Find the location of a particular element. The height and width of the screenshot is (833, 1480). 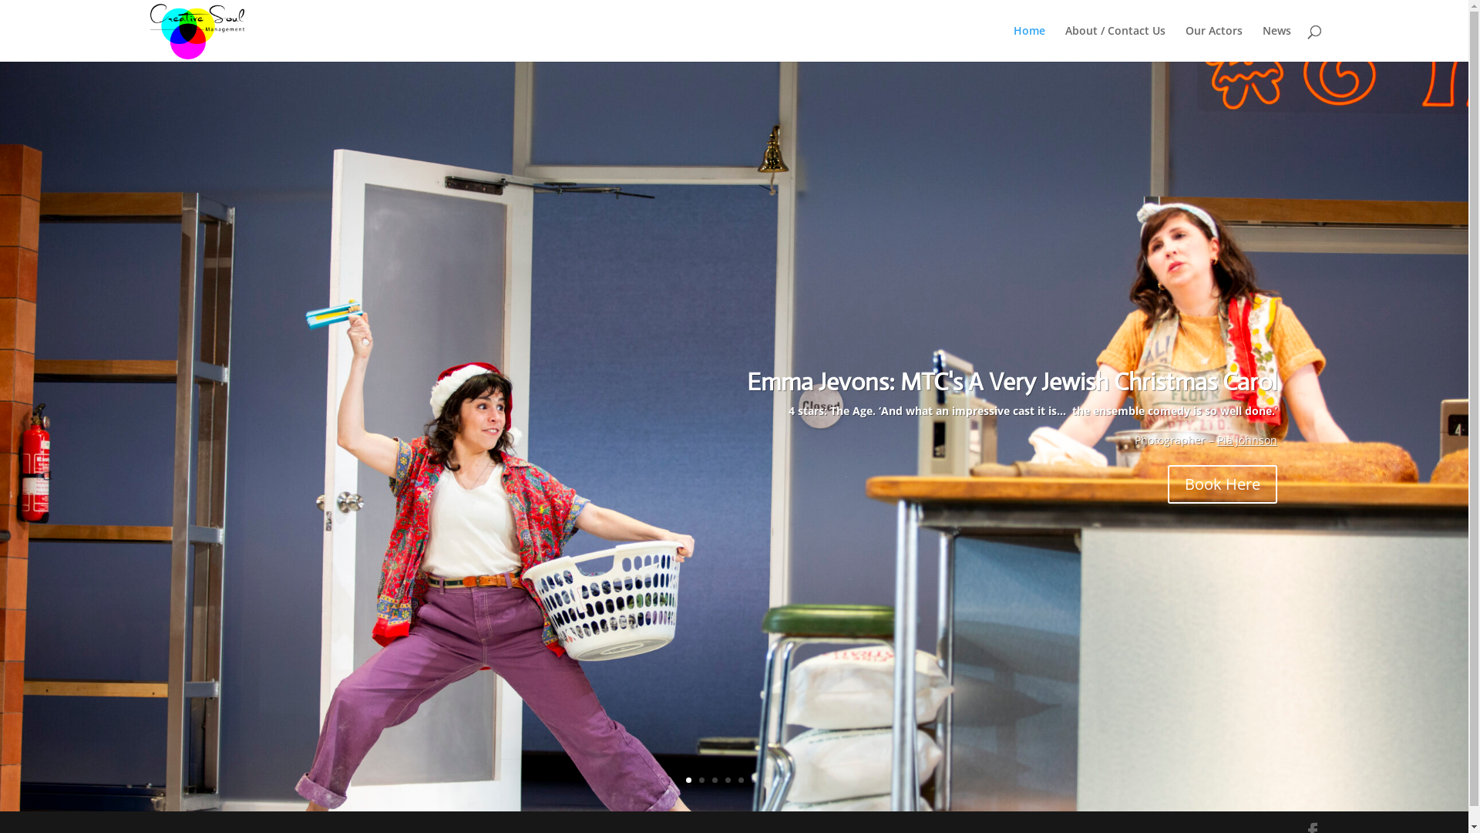

'3' is located at coordinates (711, 780).